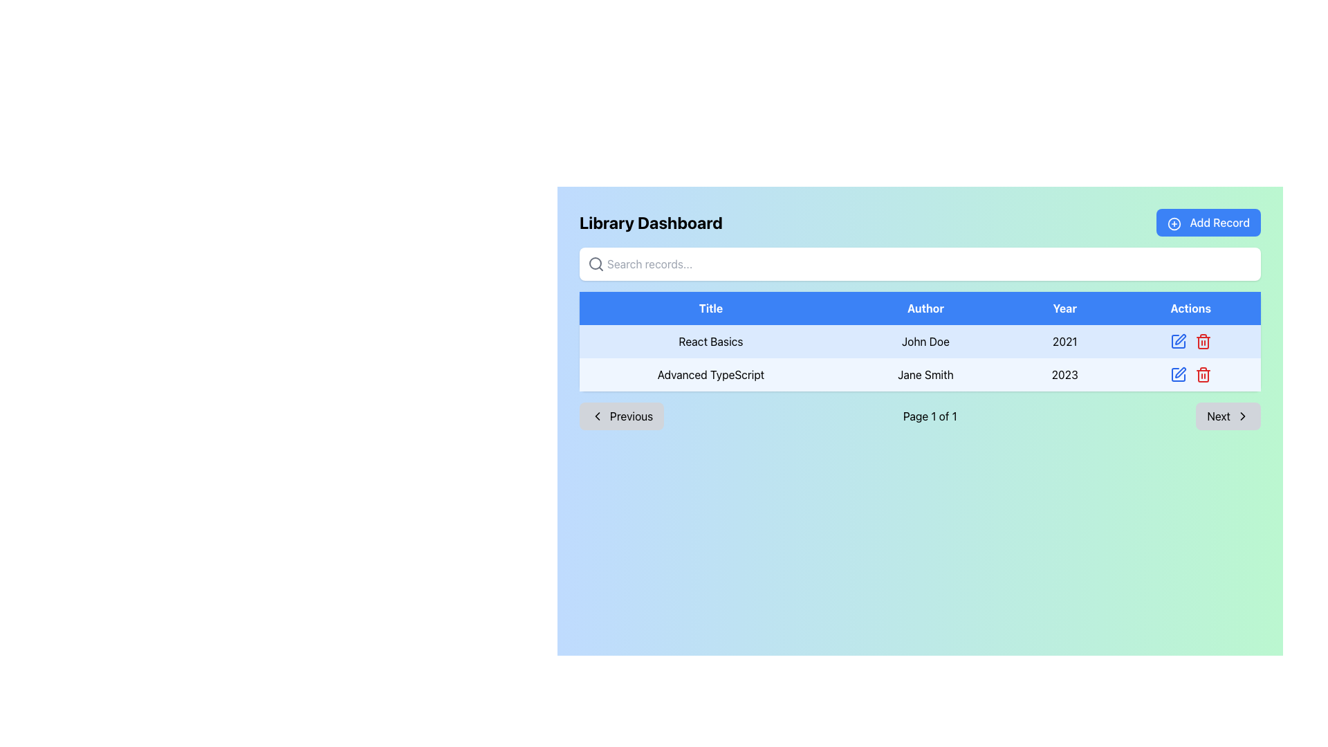 The width and height of the screenshot is (1328, 747). What do you see at coordinates (1064, 308) in the screenshot?
I see `the 'Year' column header text label, which is the third item in the header row of the table, located between 'Author' and 'Actions'` at bounding box center [1064, 308].